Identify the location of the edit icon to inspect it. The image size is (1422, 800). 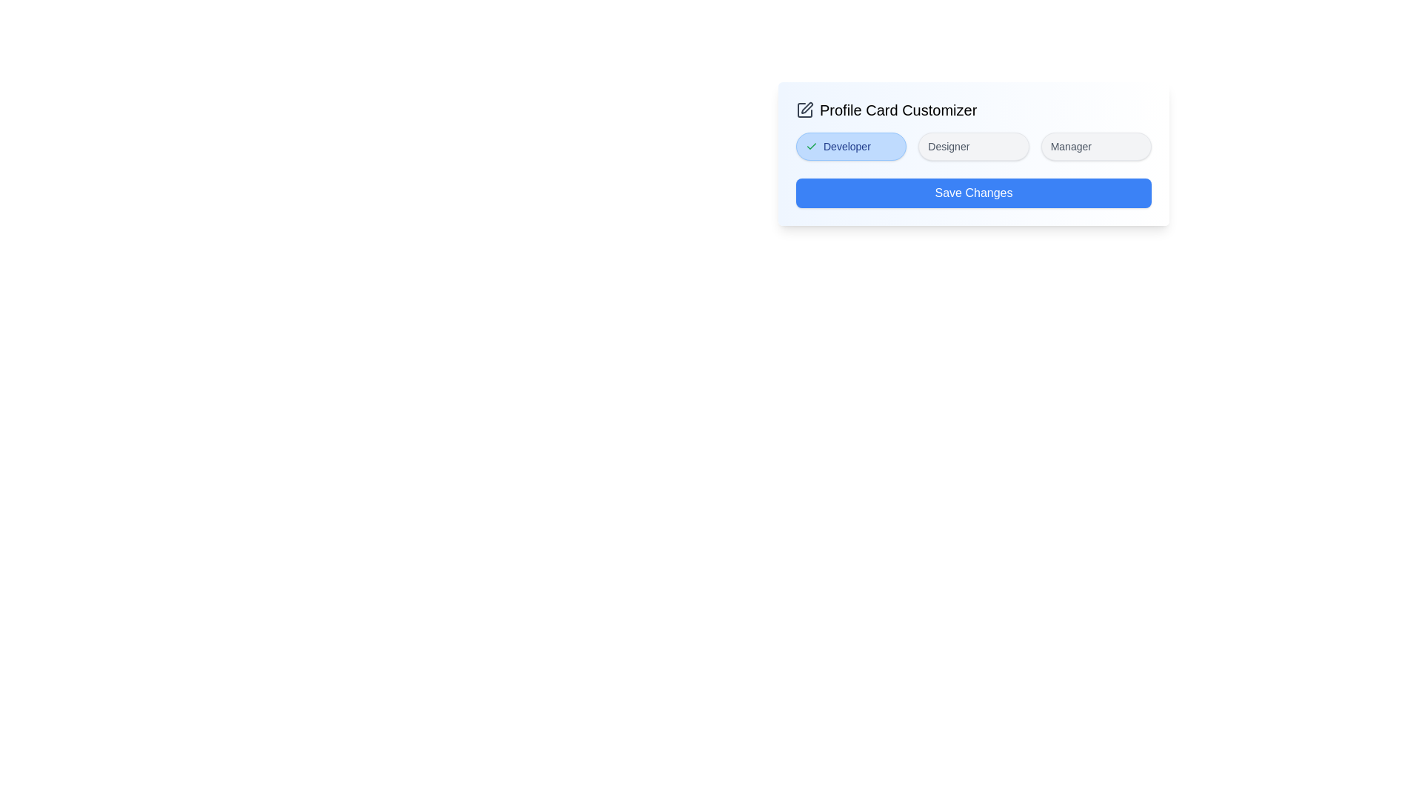
(804, 110).